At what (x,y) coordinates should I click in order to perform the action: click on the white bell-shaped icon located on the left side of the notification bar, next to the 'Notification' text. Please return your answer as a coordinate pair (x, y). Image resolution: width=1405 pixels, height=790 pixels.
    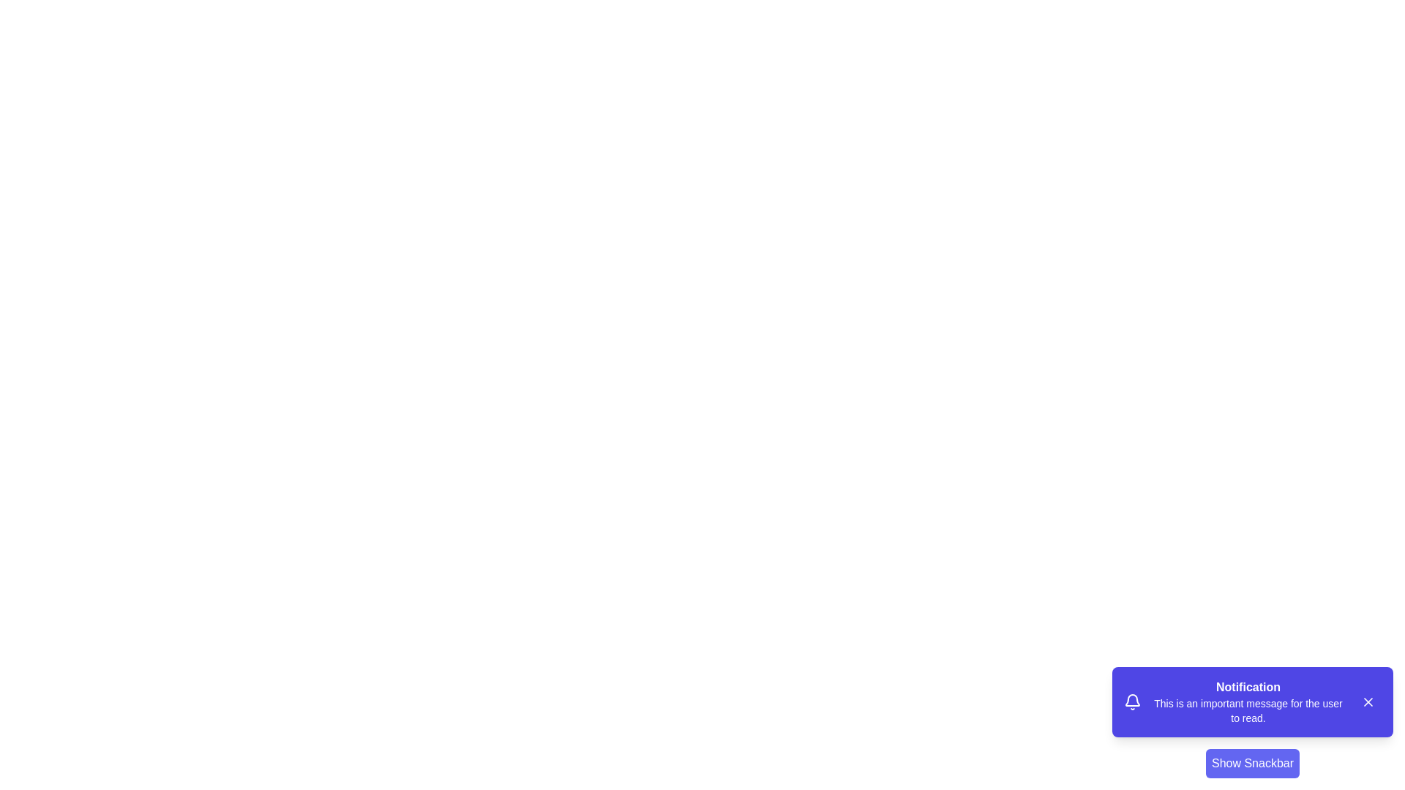
    Looking at the image, I should click on (1132, 701).